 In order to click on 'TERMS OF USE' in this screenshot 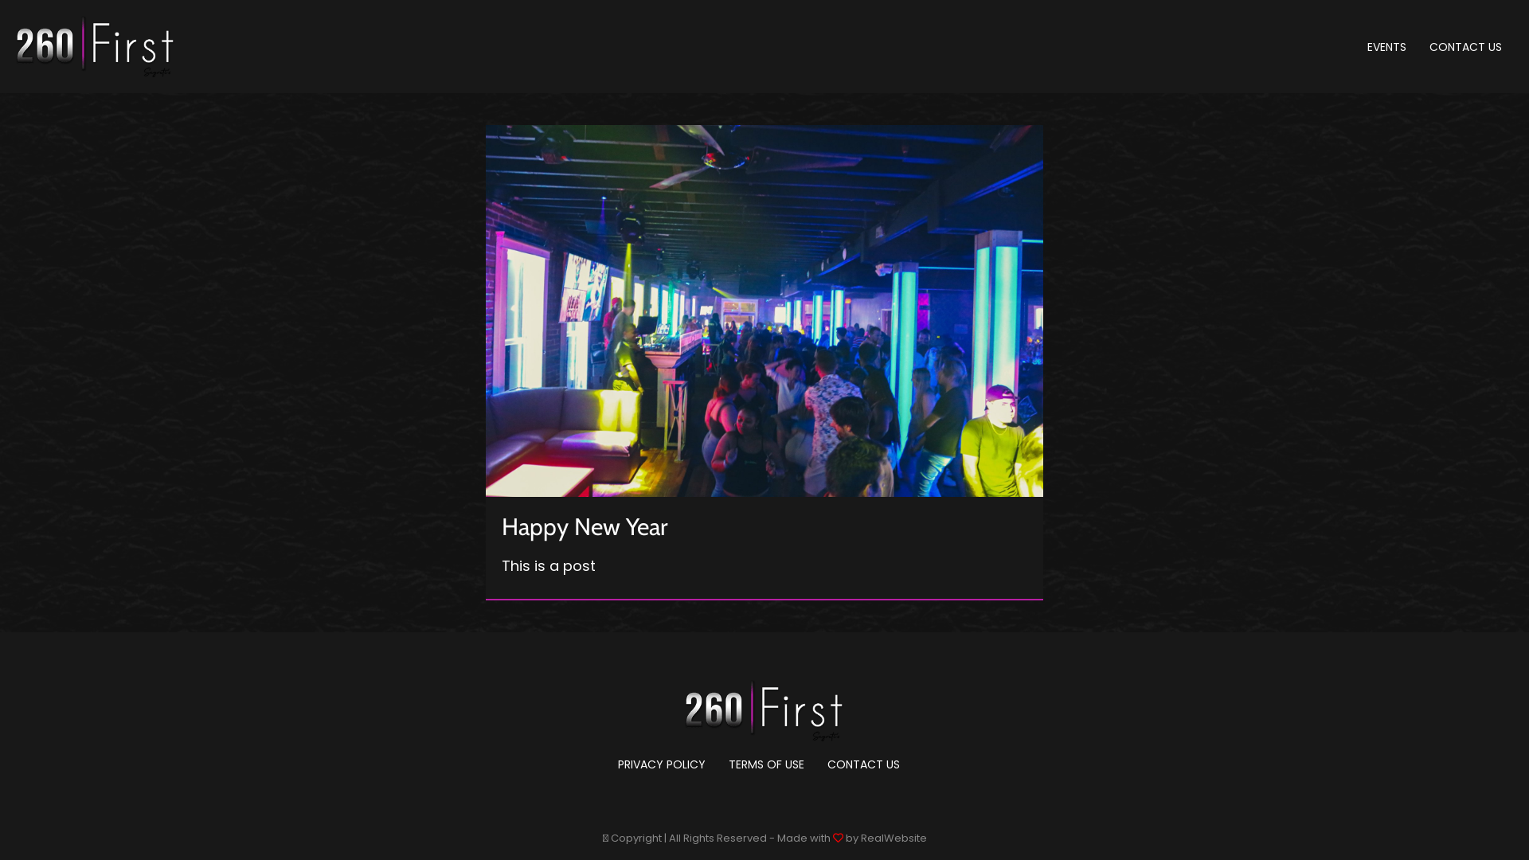, I will do `click(765, 764)`.